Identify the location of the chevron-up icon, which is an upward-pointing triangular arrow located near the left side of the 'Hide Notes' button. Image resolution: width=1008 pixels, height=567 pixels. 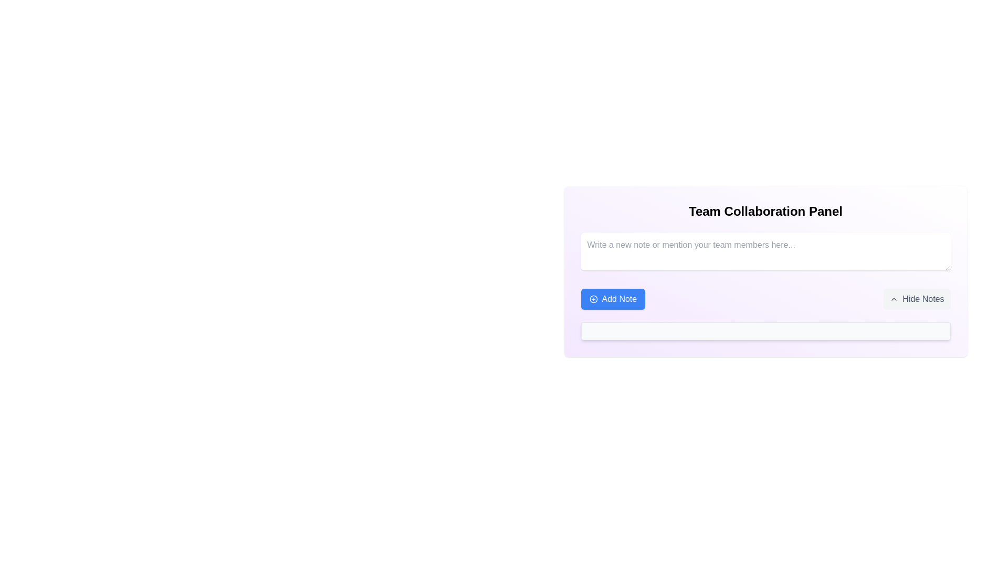
(894, 299).